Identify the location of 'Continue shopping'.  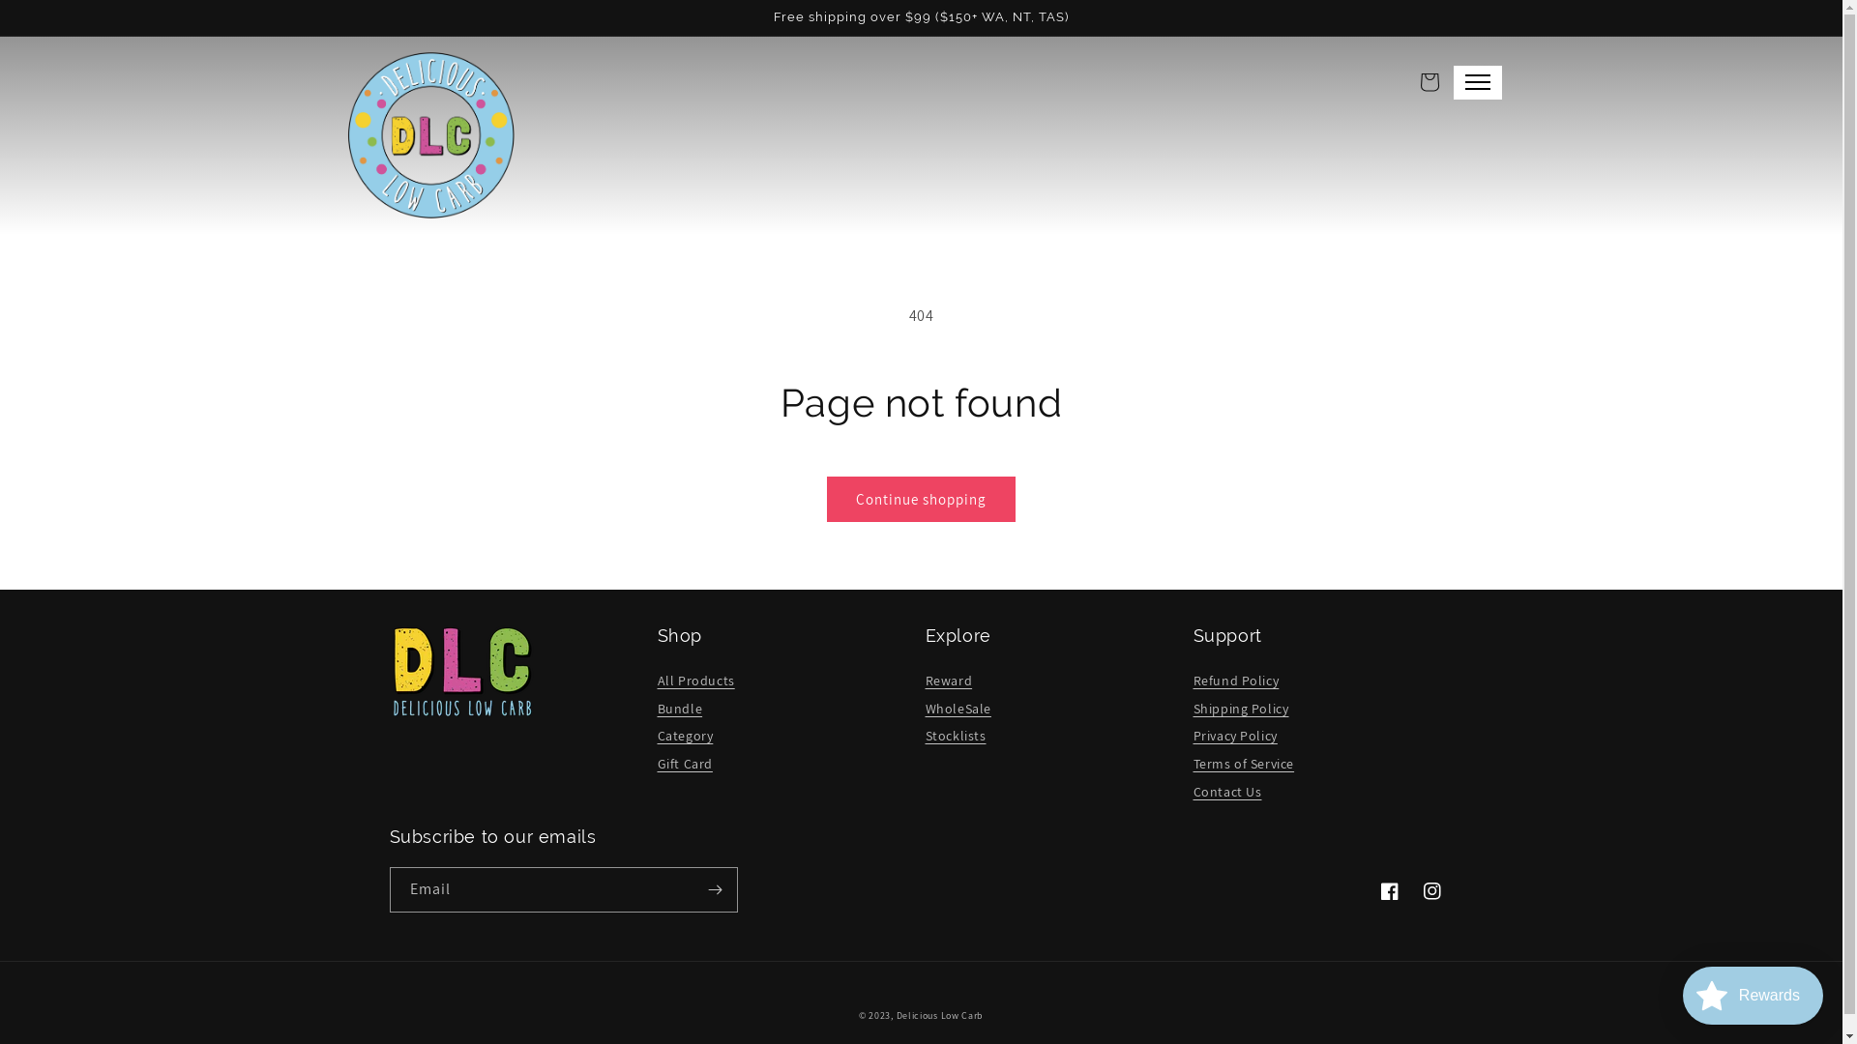
(920, 498).